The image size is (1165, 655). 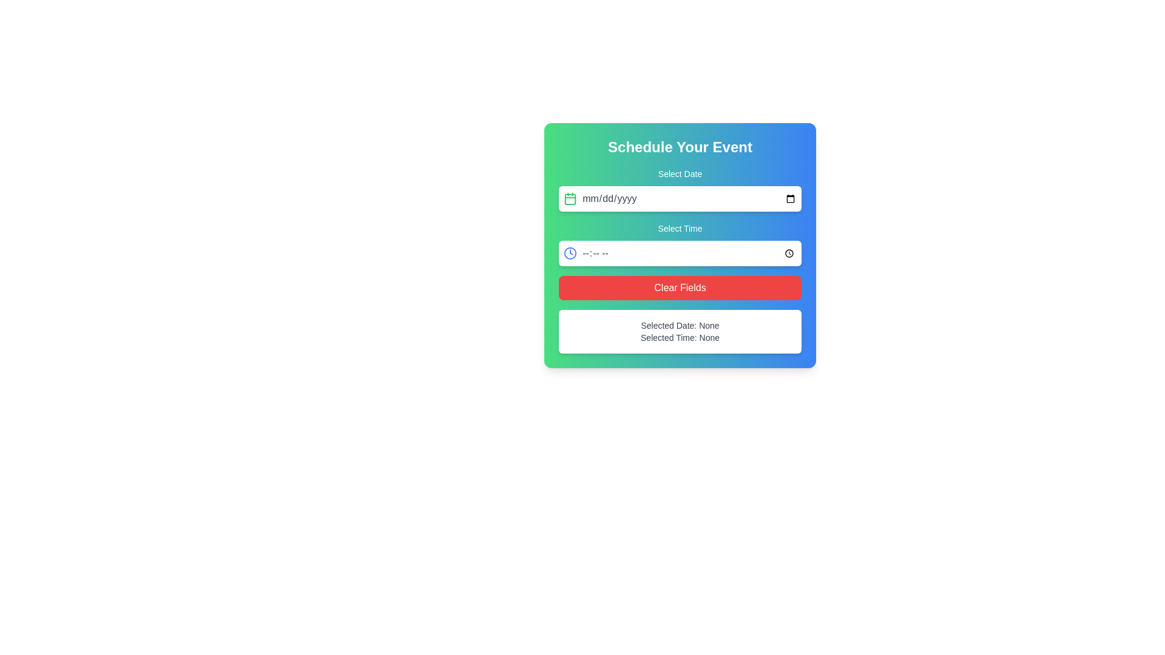 What do you see at coordinates (680, 189) in the screenshot?
I see `the Date Input field located in the 'Schedule Your Event' section to enable keyboard input` at bounding box center [680, 189].